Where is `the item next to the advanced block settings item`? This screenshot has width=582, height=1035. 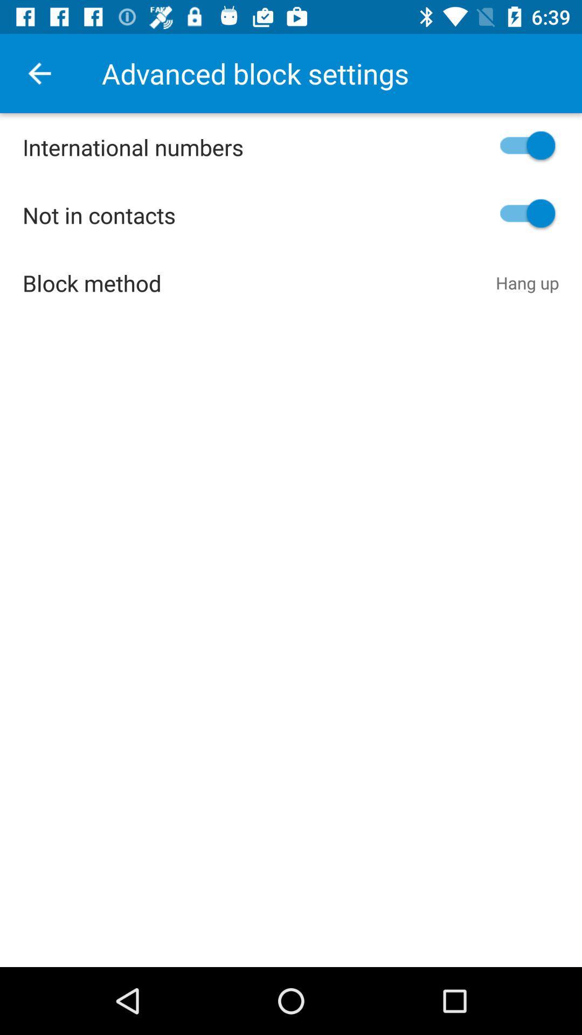 the item next to the advanced block settings item is located at coordinates (39, 73).